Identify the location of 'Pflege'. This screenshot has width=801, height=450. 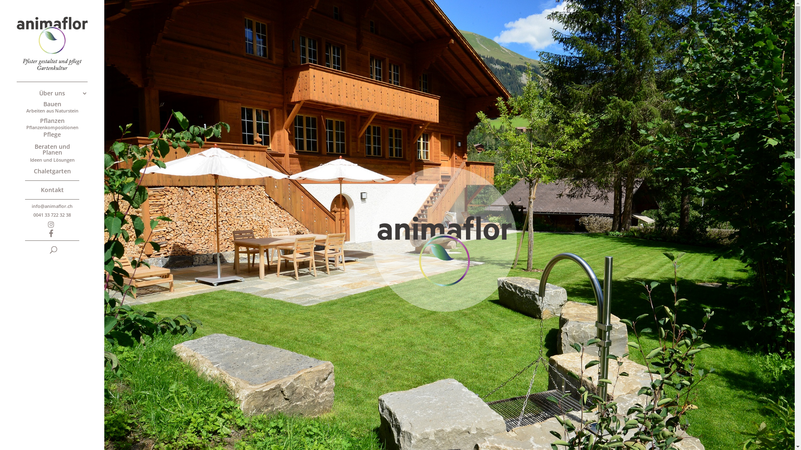
(60, 135).